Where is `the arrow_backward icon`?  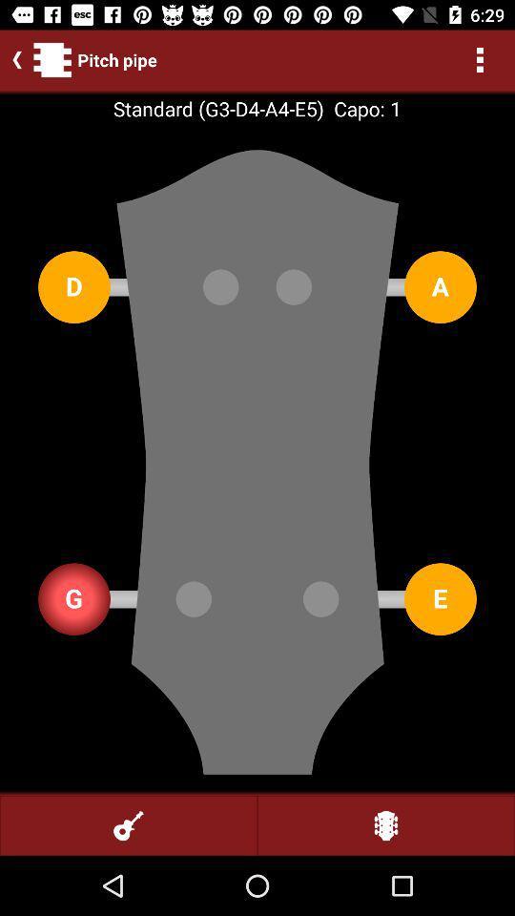 the arrow_backward icon is located at coordinates (12, 59).